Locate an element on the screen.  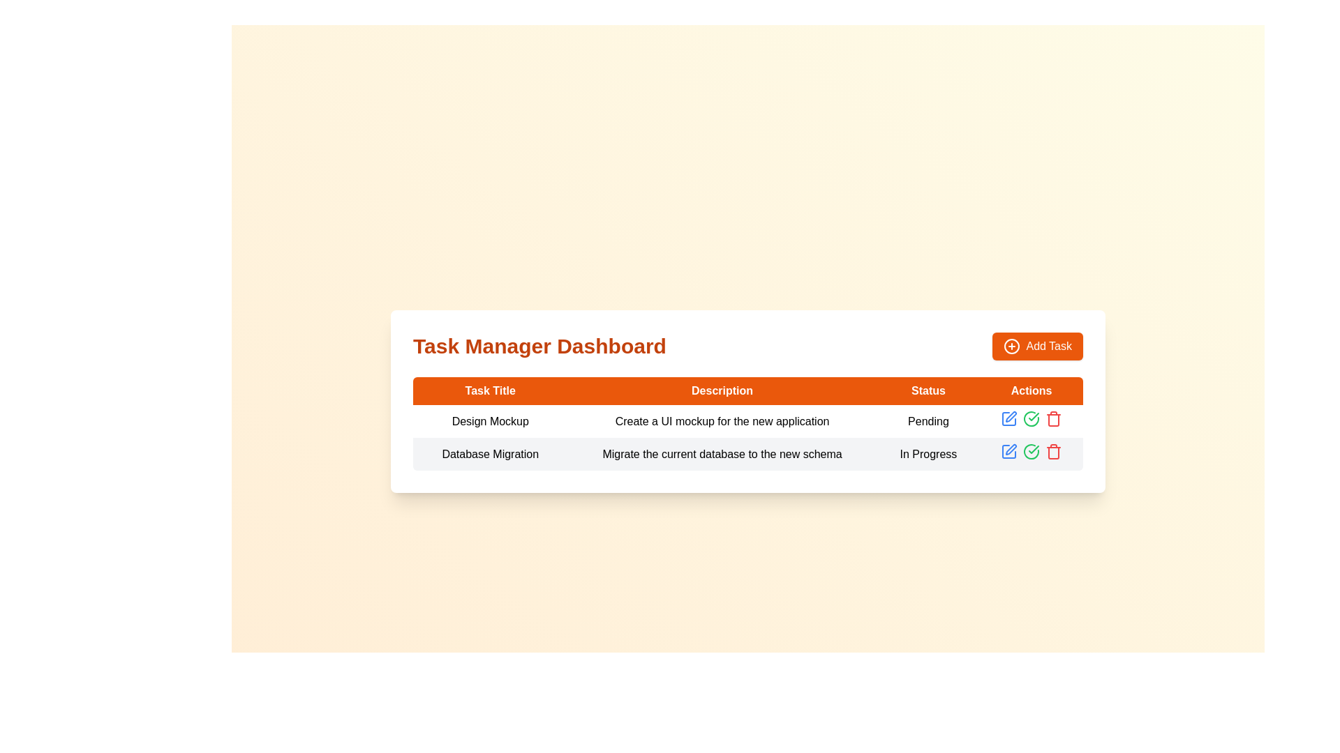
the confirmation icon in the 'Actions' column of the second row of the table to mark the 'Database Migration' task as complete is located at coordinates (1034, 416).